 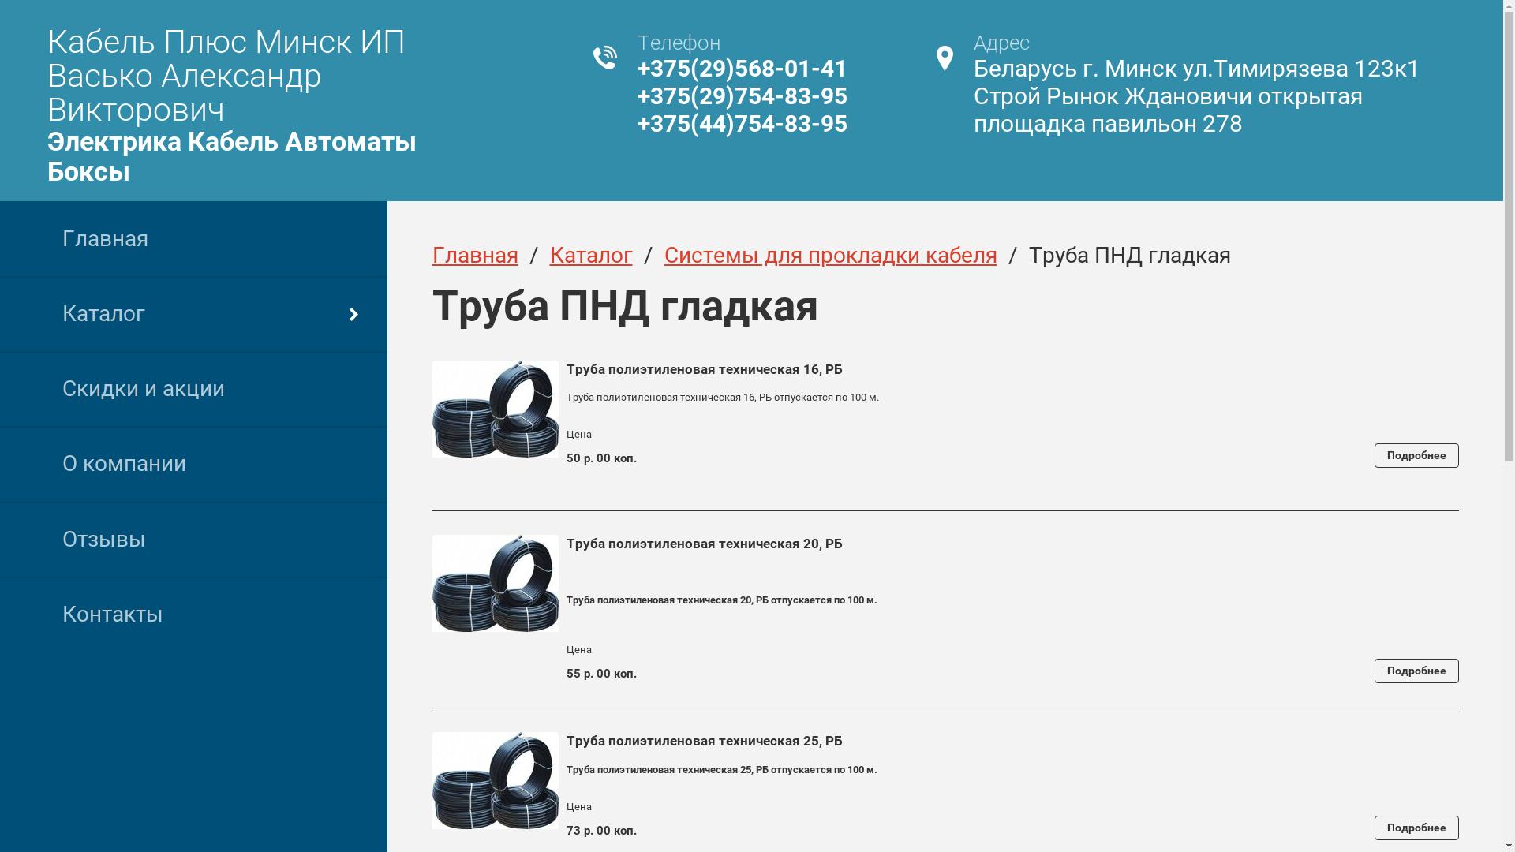 What do you see at coordinates (741, 67) in the screenshot?
I see `'+375(29)568-01-41'` at bounding box center [741, 67].